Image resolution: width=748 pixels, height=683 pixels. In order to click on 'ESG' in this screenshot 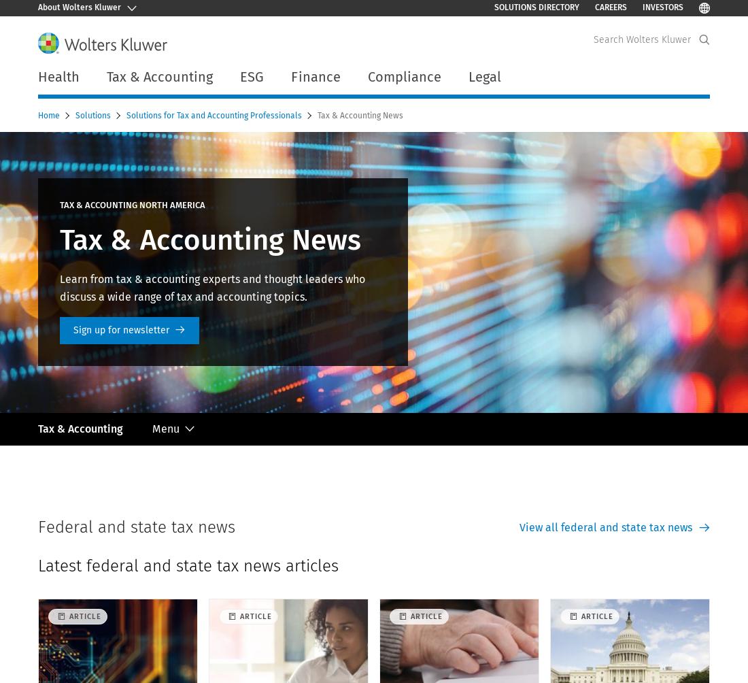, I will do `click(239, 76)`.